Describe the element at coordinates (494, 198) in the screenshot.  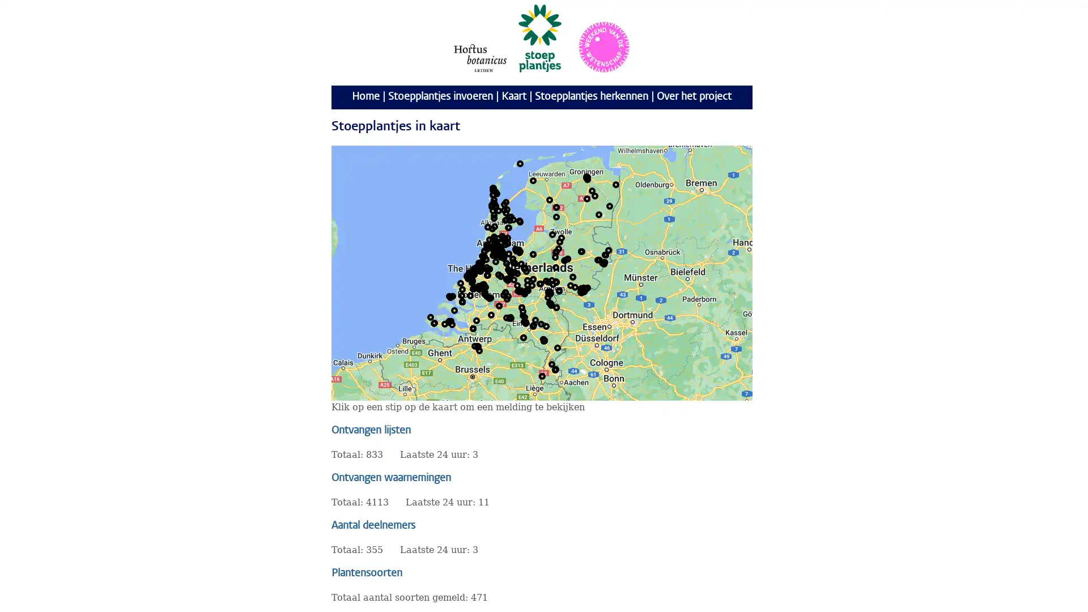
I see `Telling van op 08 november 2021` at that location.